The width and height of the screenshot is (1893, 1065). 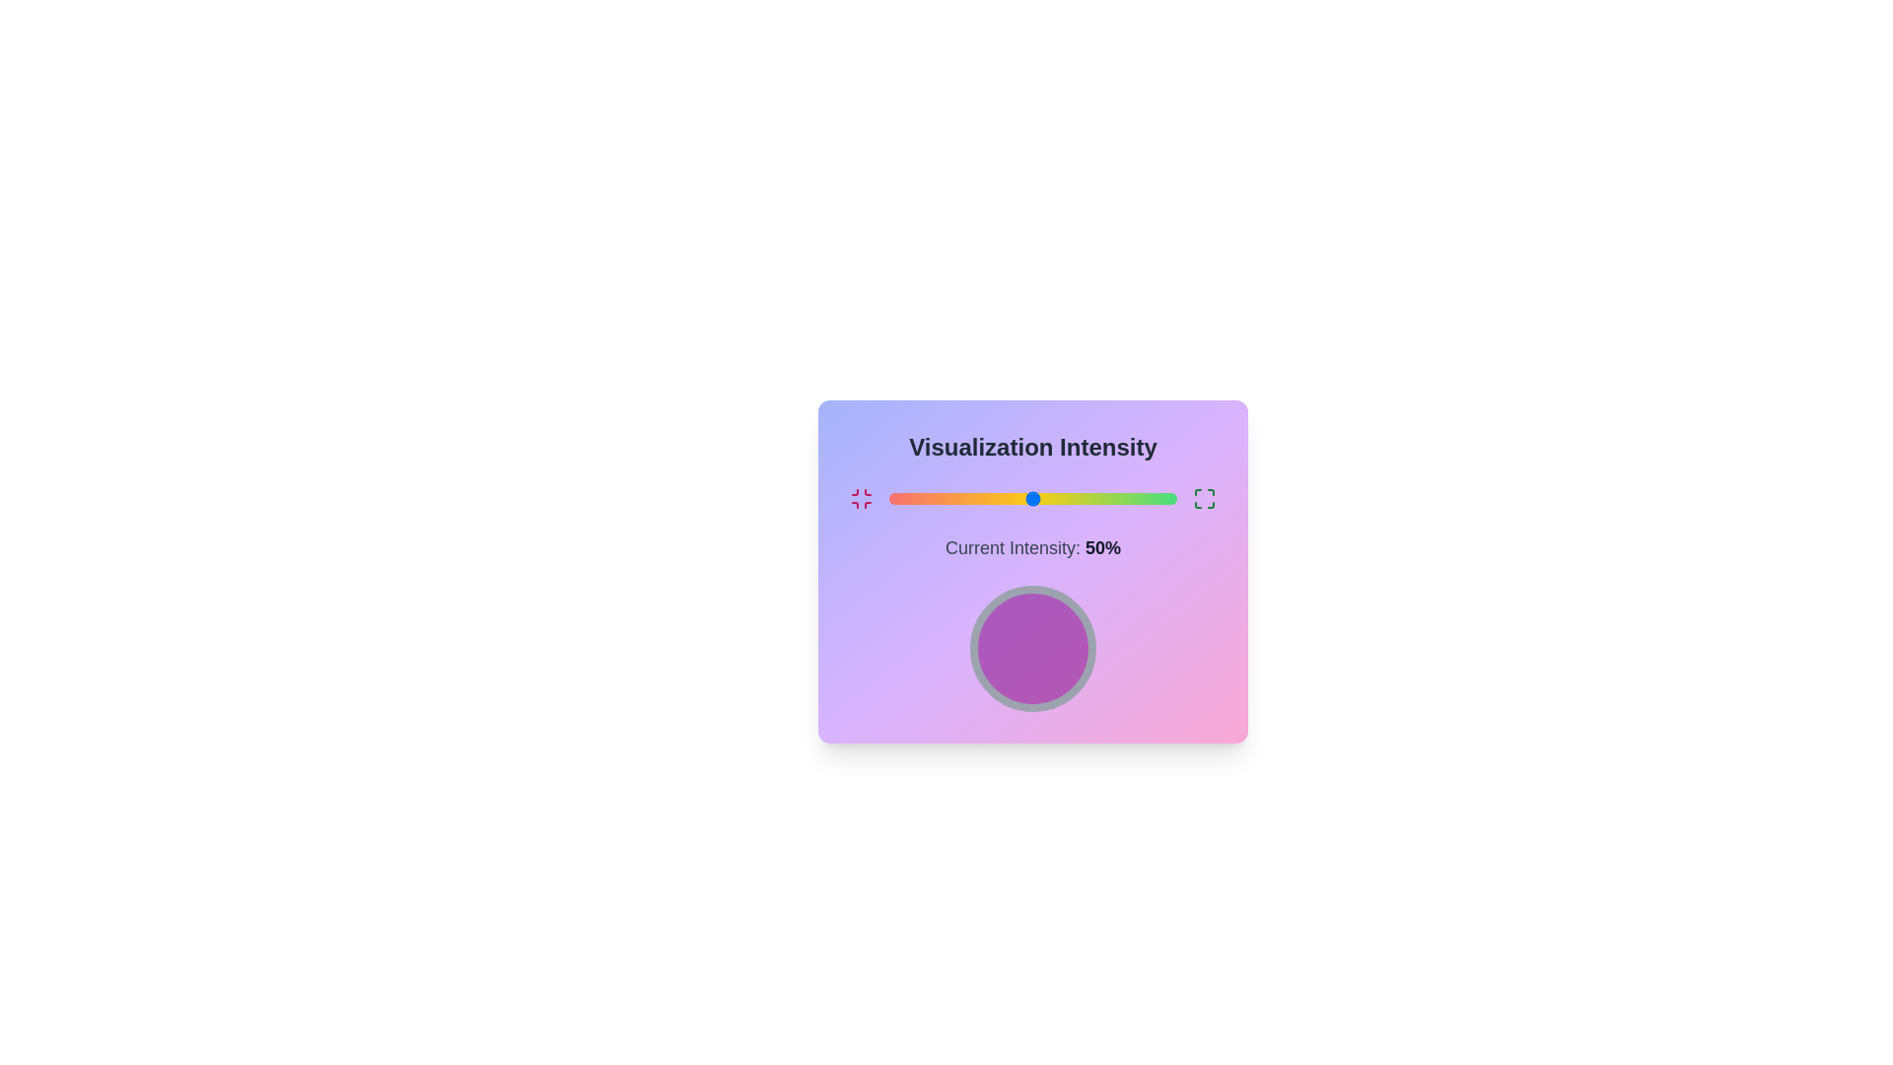 I want to click on the slider to set the intensity to 80%, so click(x=1119, y=497).